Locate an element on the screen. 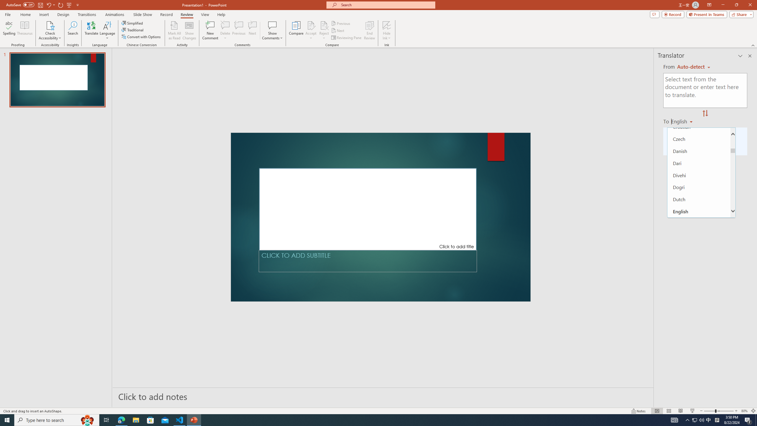 This screenshot has width=757, height=426. 'Mark All as Read' is located at coordinates (174, 30).